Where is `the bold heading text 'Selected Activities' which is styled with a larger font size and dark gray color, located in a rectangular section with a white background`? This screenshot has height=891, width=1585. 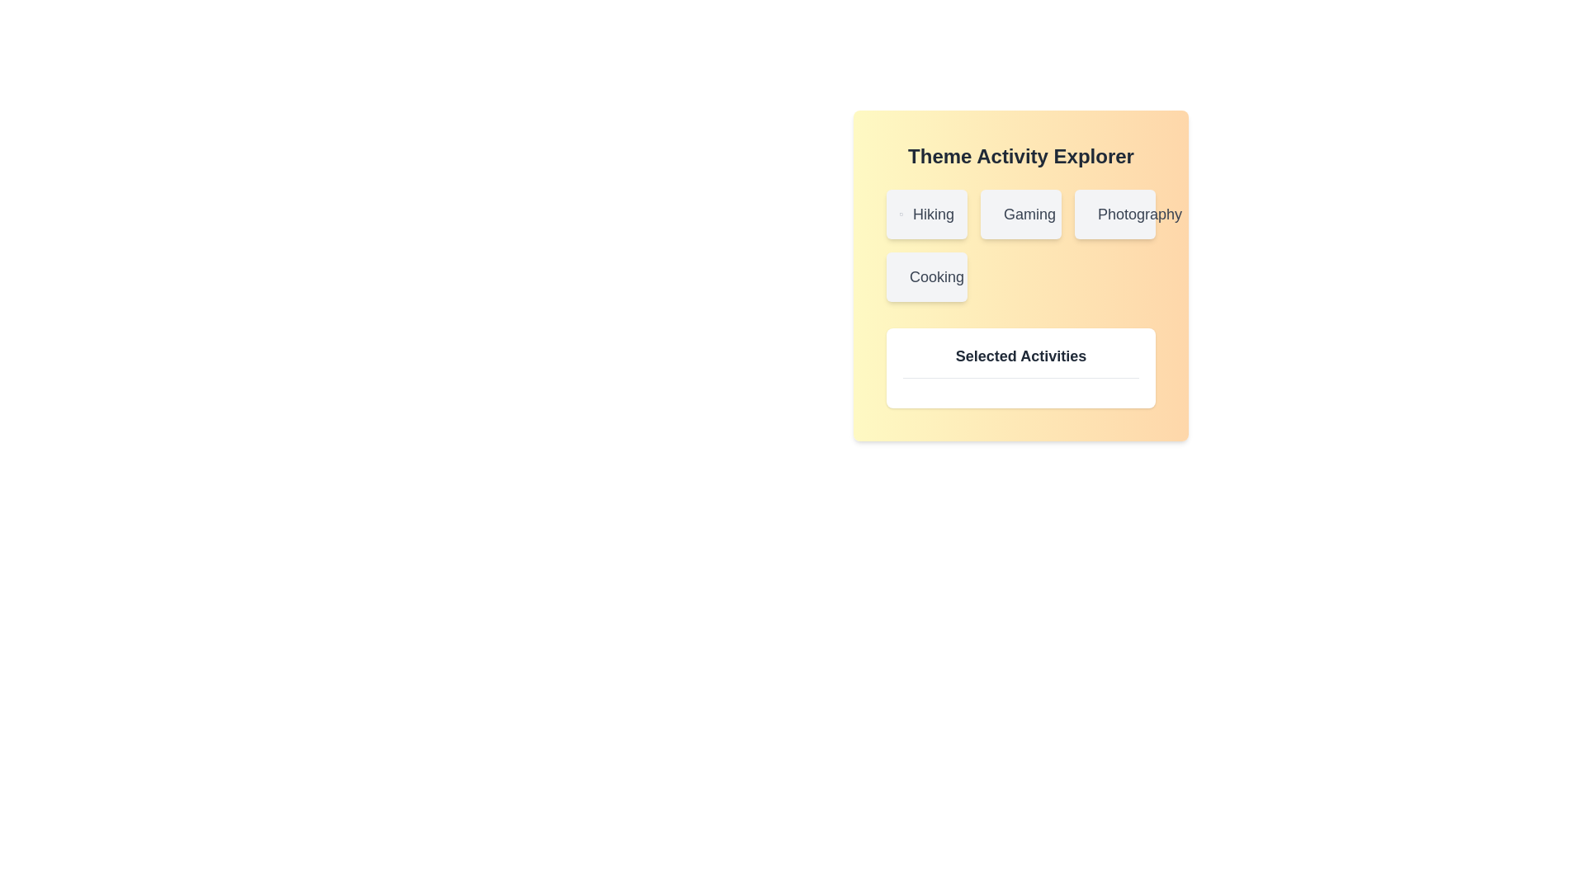 the bold heading text 'Selected Activities' which is styled with a larger font size and dark gray color, located in a rectangular section with a white background is located at coordinates (1020, 361).